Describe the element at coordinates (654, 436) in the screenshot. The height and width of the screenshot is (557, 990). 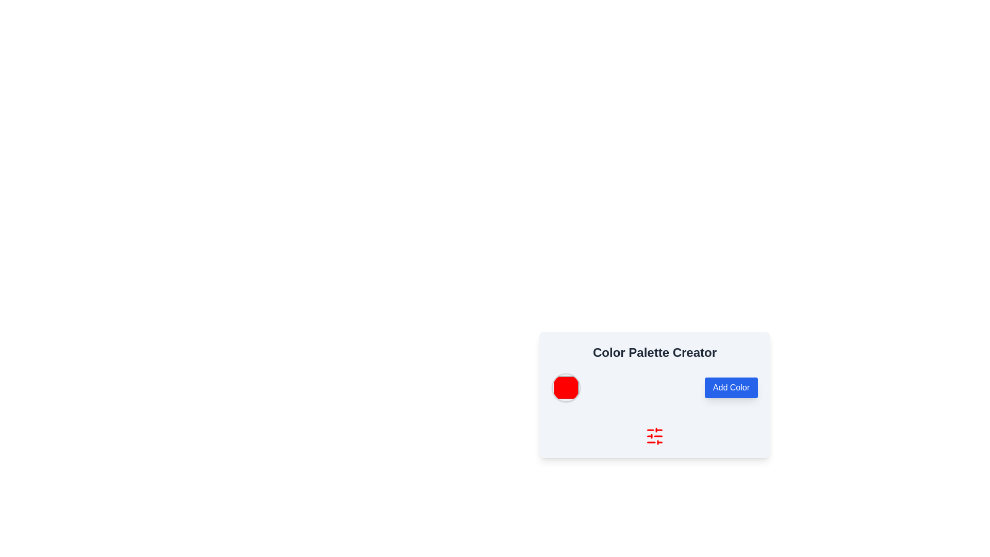
I see `the horizontally oriented icon resembling sliders, which is centrally located beneath the 'Color Palette Creator' title, indicating settings or filtering functionalities` at that location.